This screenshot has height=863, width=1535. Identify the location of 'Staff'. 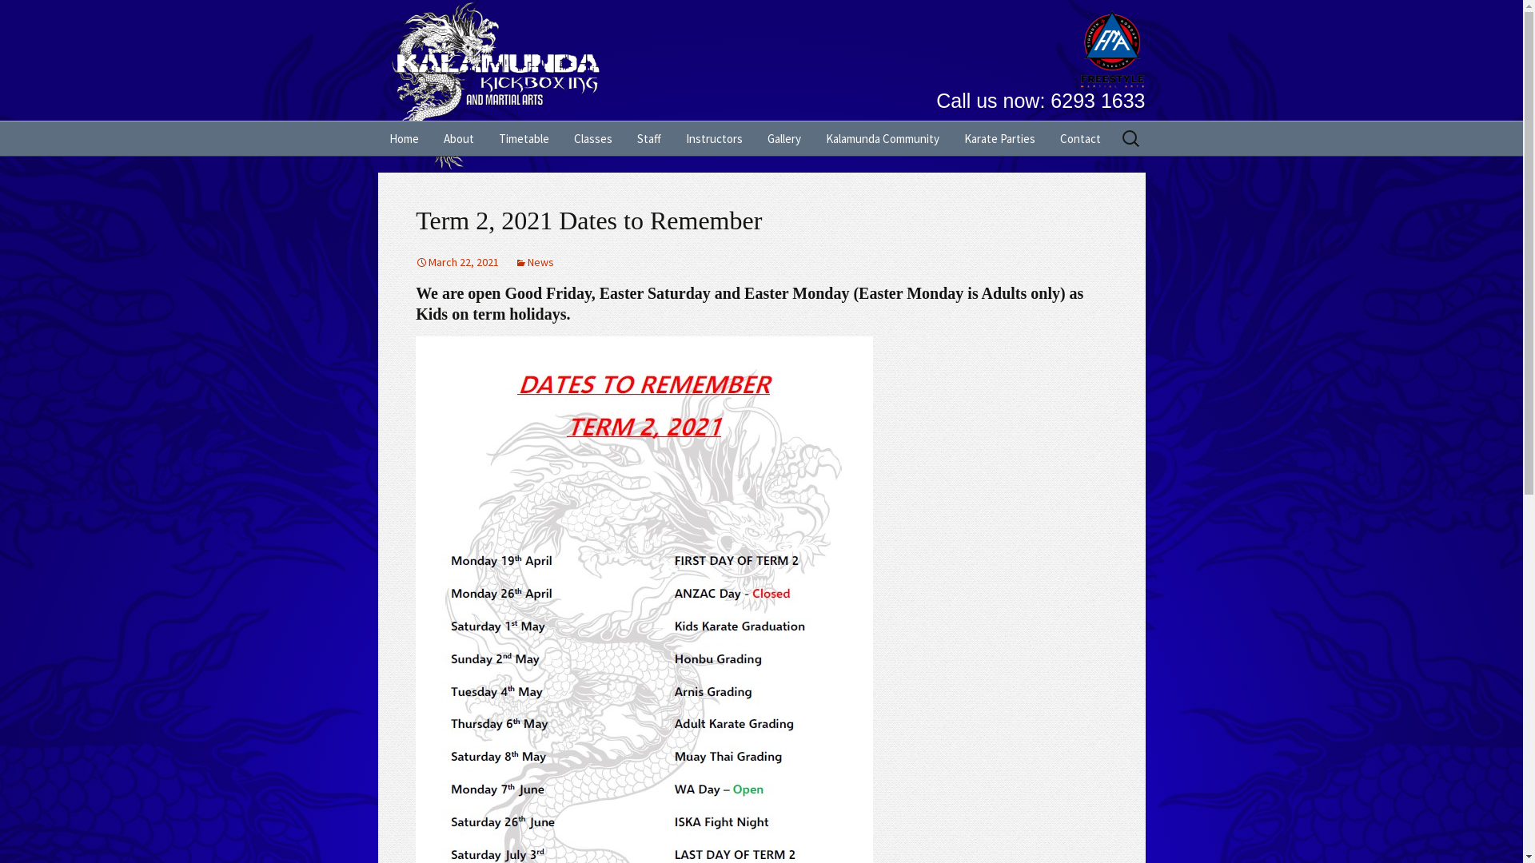
(648, 137).